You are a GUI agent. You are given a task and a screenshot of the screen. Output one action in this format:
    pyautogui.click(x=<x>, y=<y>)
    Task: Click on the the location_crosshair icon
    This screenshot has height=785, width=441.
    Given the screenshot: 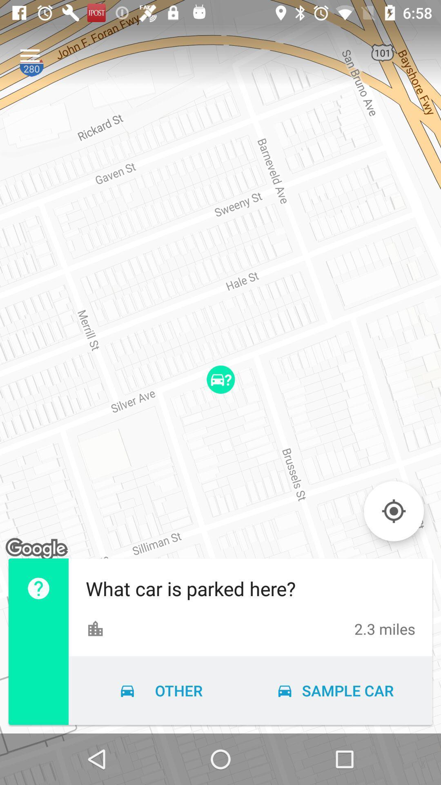 What is the action you would take?
    pyautogui.click(x=393, y=511)
    